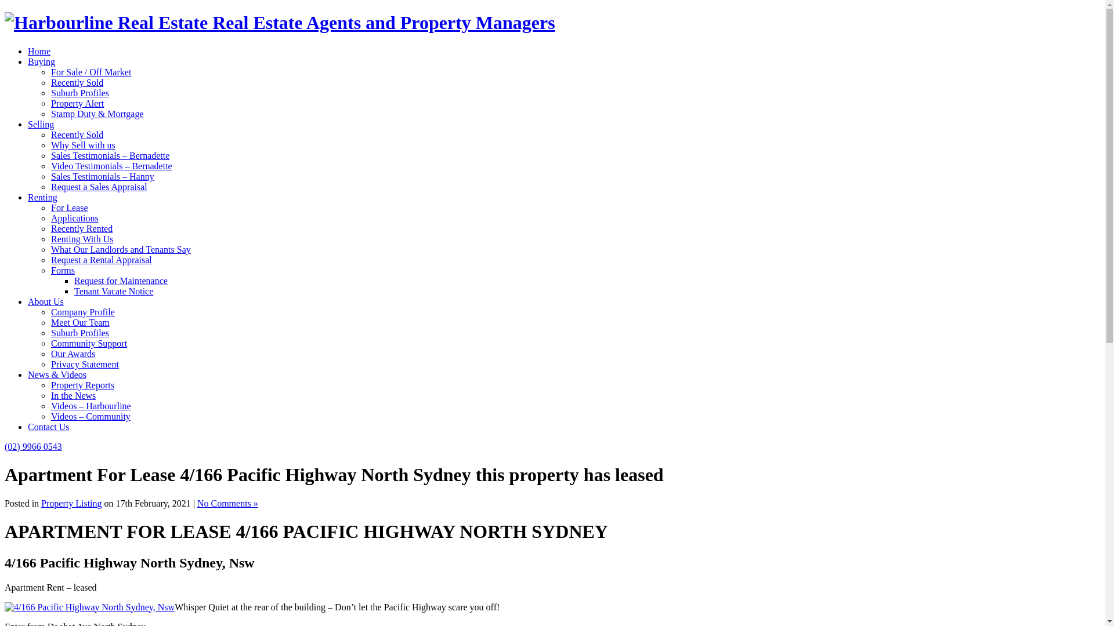  What do you see at coordinates (50, 395) in the screenshot?
I see `'In the News'` at bounding box center [50, 395].